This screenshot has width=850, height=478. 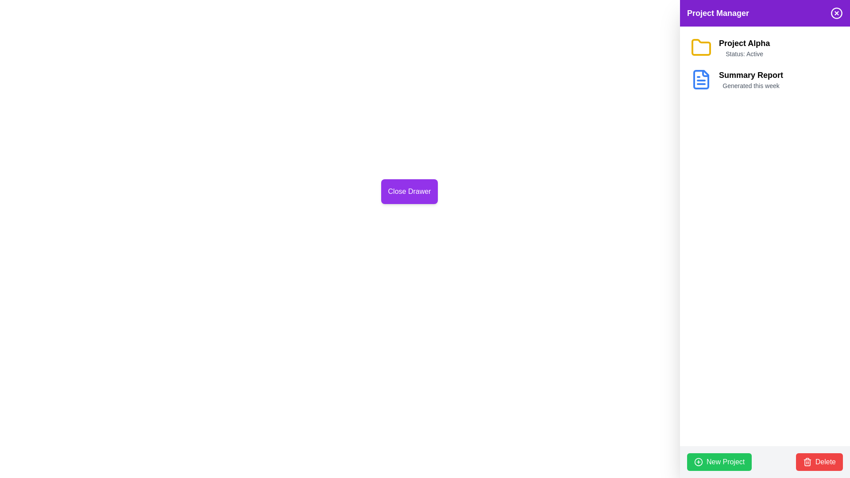 I want to click on the folder icon, which is a bold yellow icon representing a folder, located to the left of the 'Project Alpha' text in the 'Project Manager' panel, so click(x=701, y=47).